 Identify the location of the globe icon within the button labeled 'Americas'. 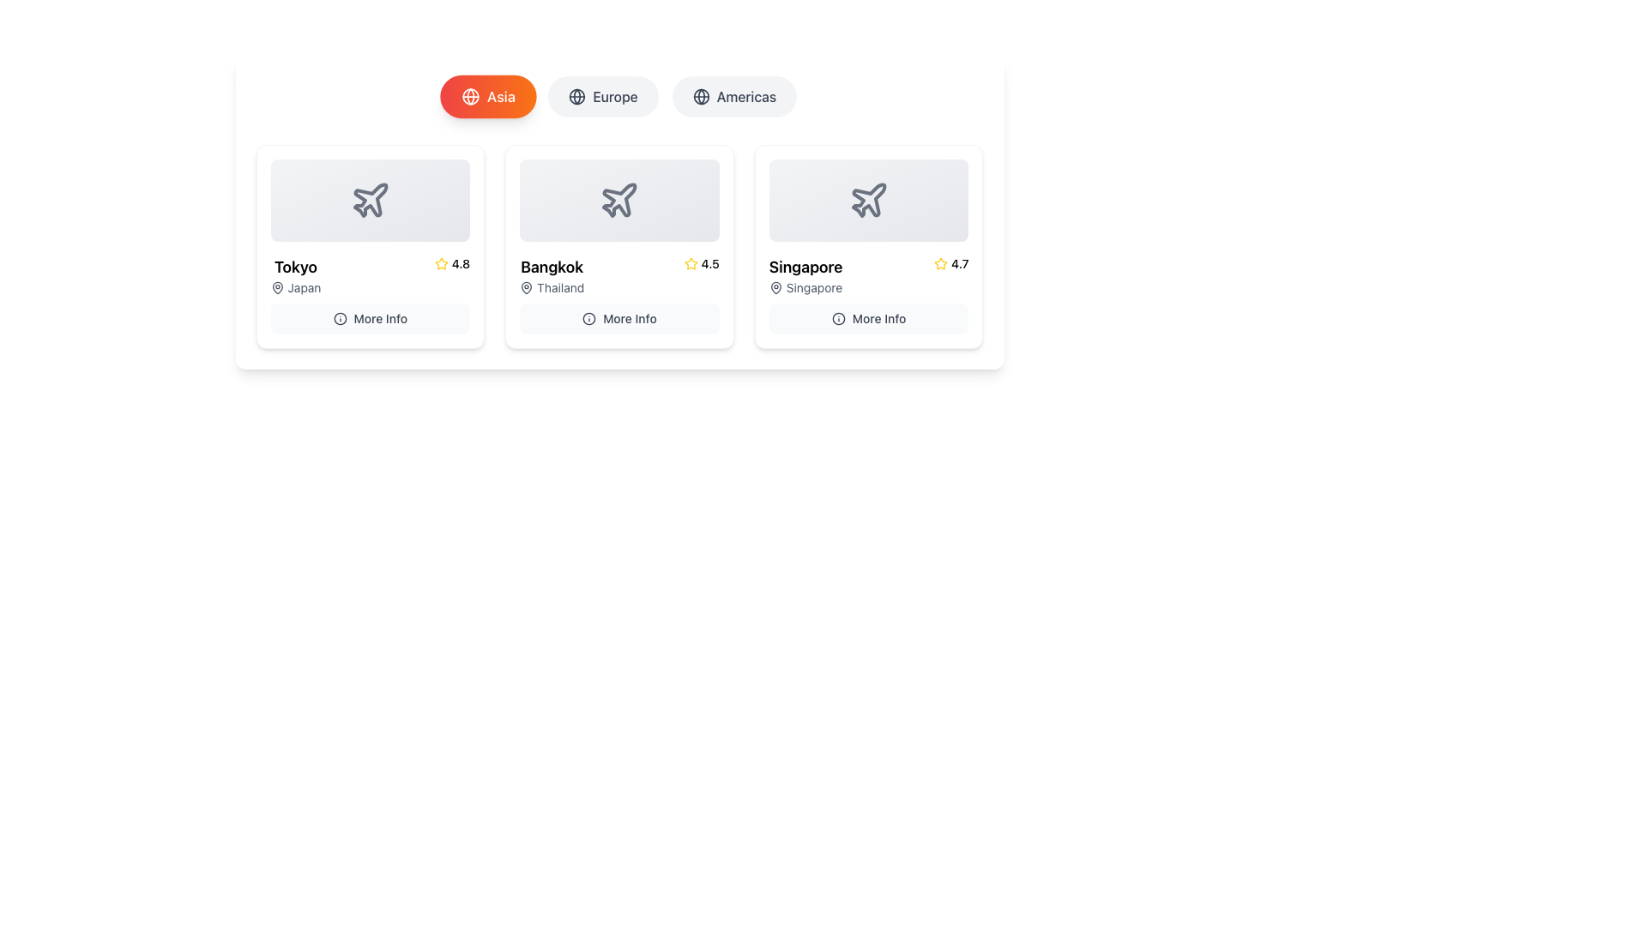
(701, 96).